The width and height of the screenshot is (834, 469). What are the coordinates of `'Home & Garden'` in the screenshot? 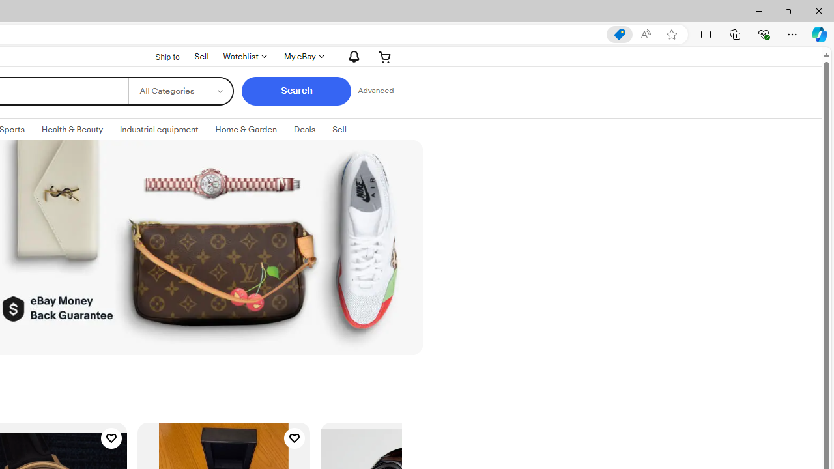 It's located at (246, 130).